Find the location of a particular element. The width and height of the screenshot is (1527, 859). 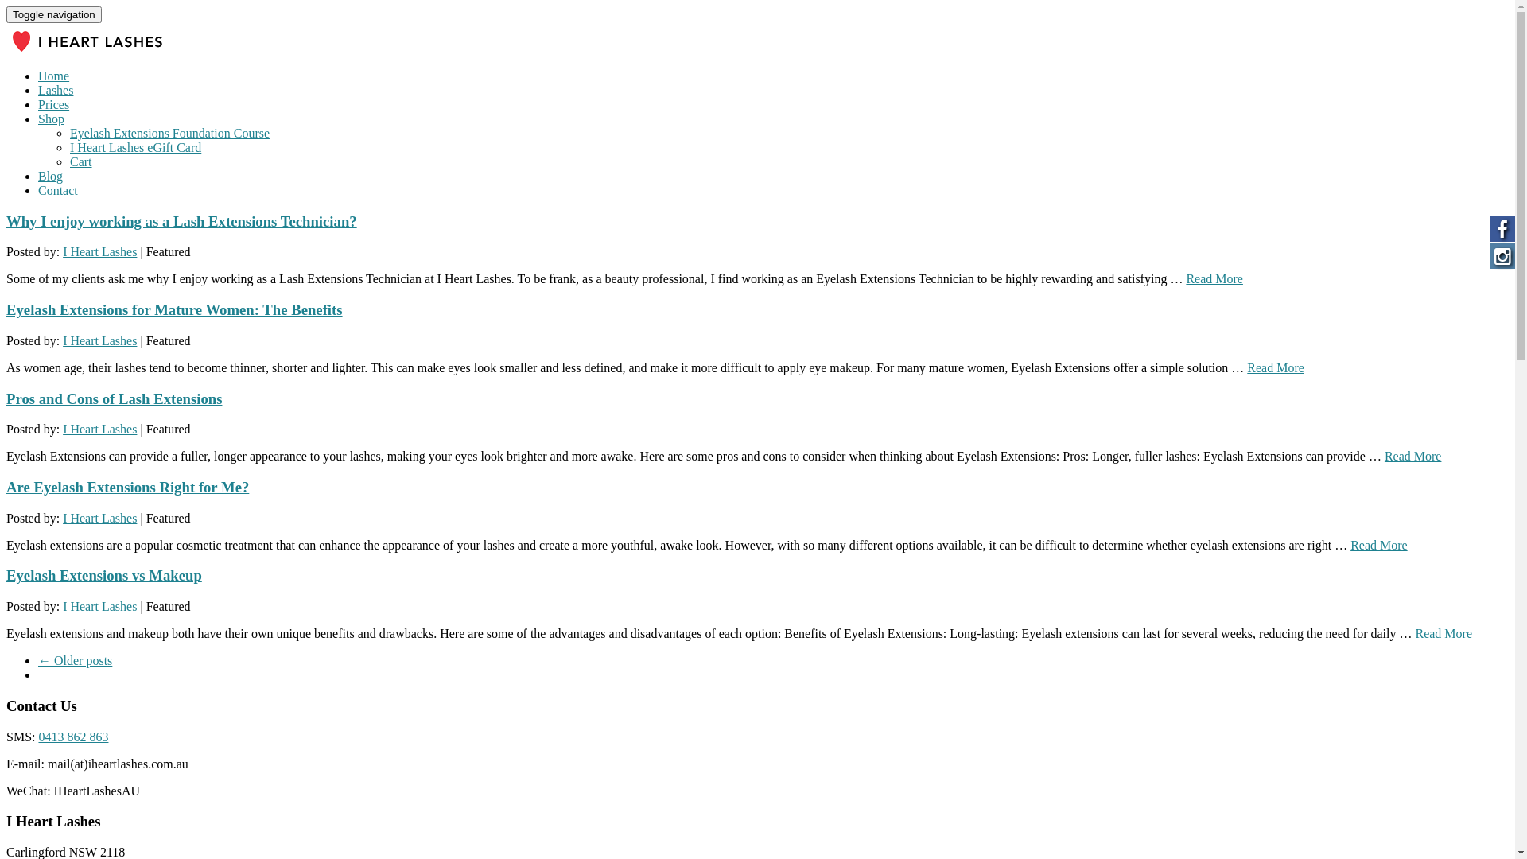

'Read More' is located at coordinates (1415, 632).